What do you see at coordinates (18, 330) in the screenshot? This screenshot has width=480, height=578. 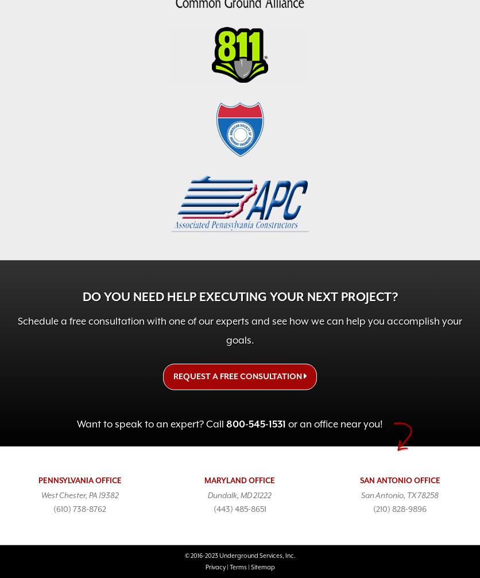 I see `'Schedule a free consultation with one of our experts and see how we can help you accomplish your goals.'` at bounding box center [18, 330].